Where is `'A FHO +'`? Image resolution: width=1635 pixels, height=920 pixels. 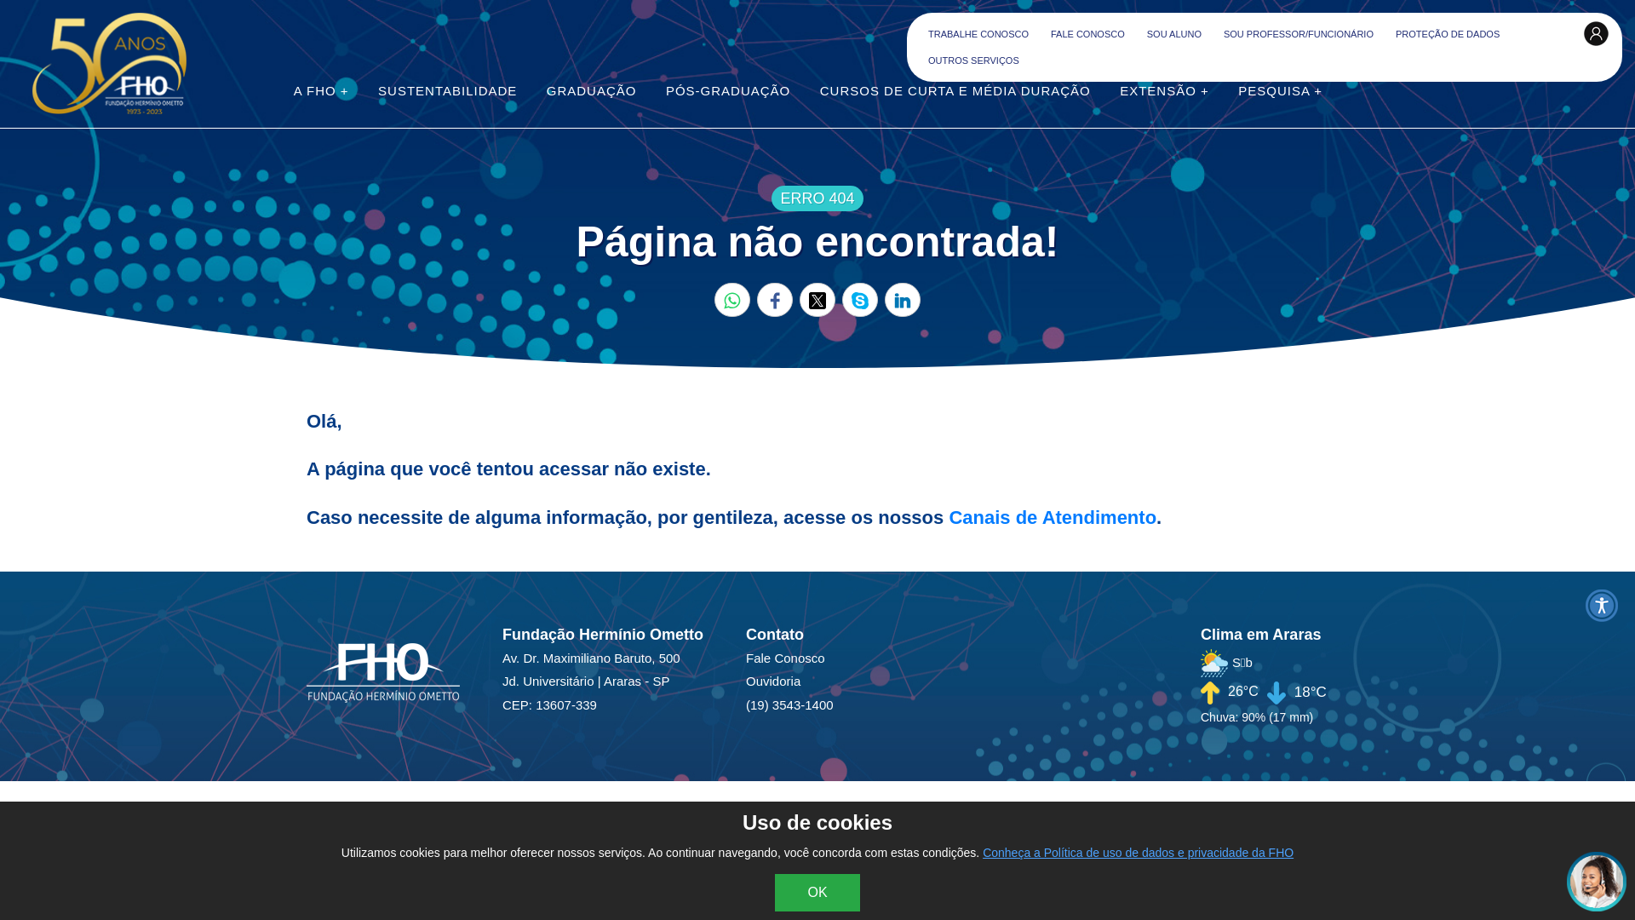 'A FHO +' is located at coordinates (321, 91).